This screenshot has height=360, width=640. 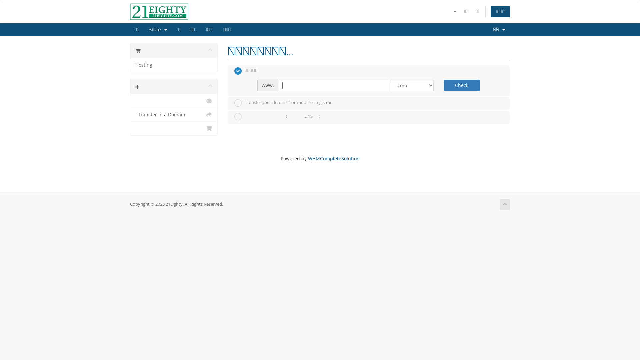 I want to click on 'Please enter your domain', so click(x=333, y=85).